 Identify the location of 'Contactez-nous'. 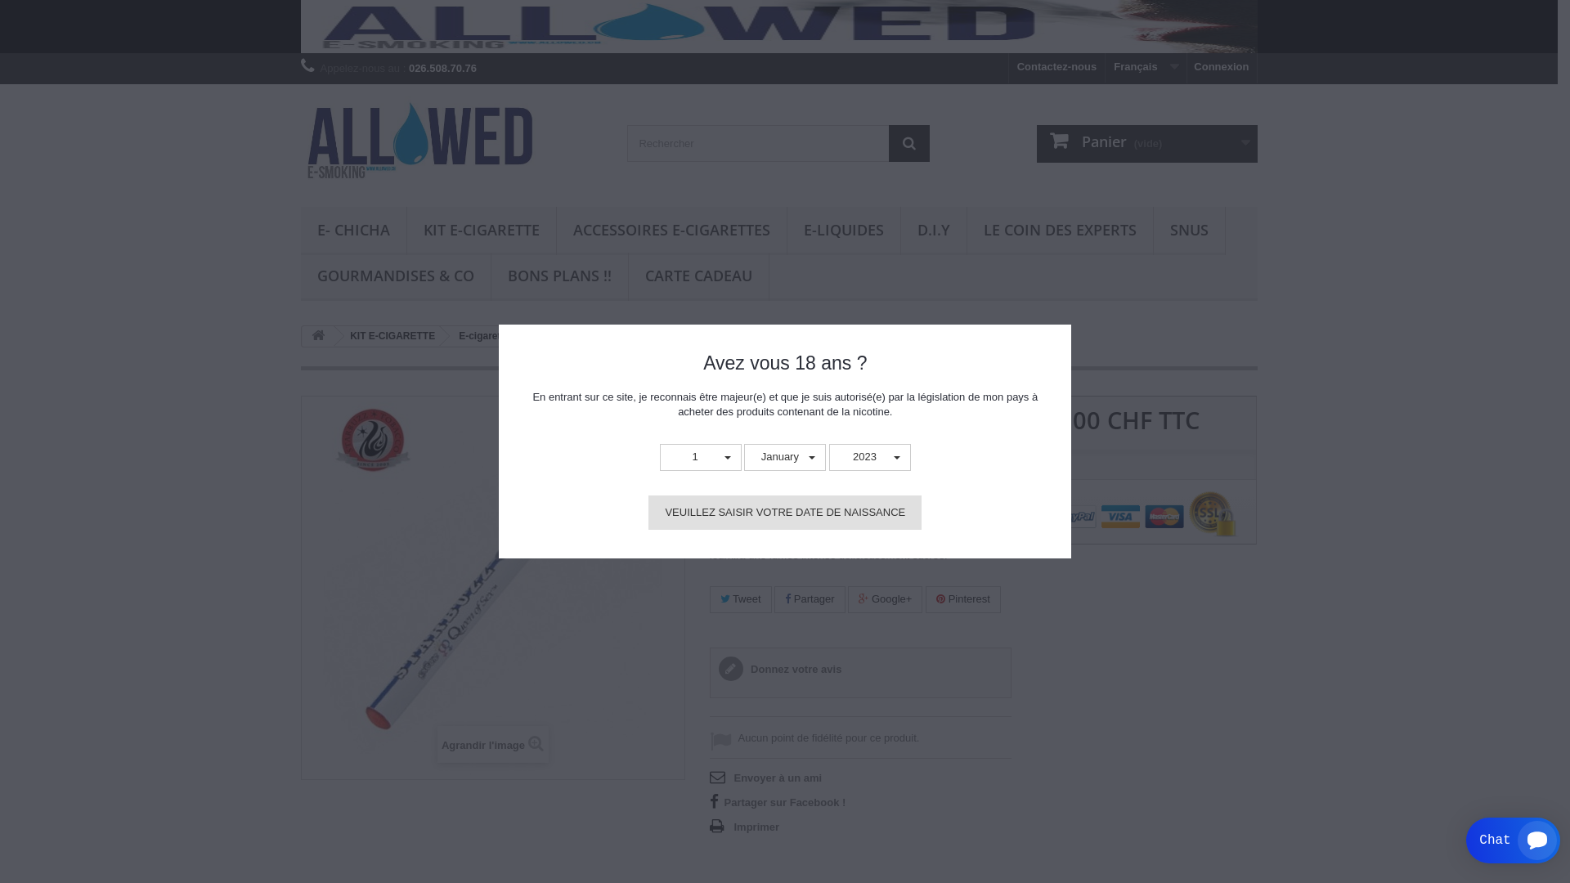
(1056, 67).